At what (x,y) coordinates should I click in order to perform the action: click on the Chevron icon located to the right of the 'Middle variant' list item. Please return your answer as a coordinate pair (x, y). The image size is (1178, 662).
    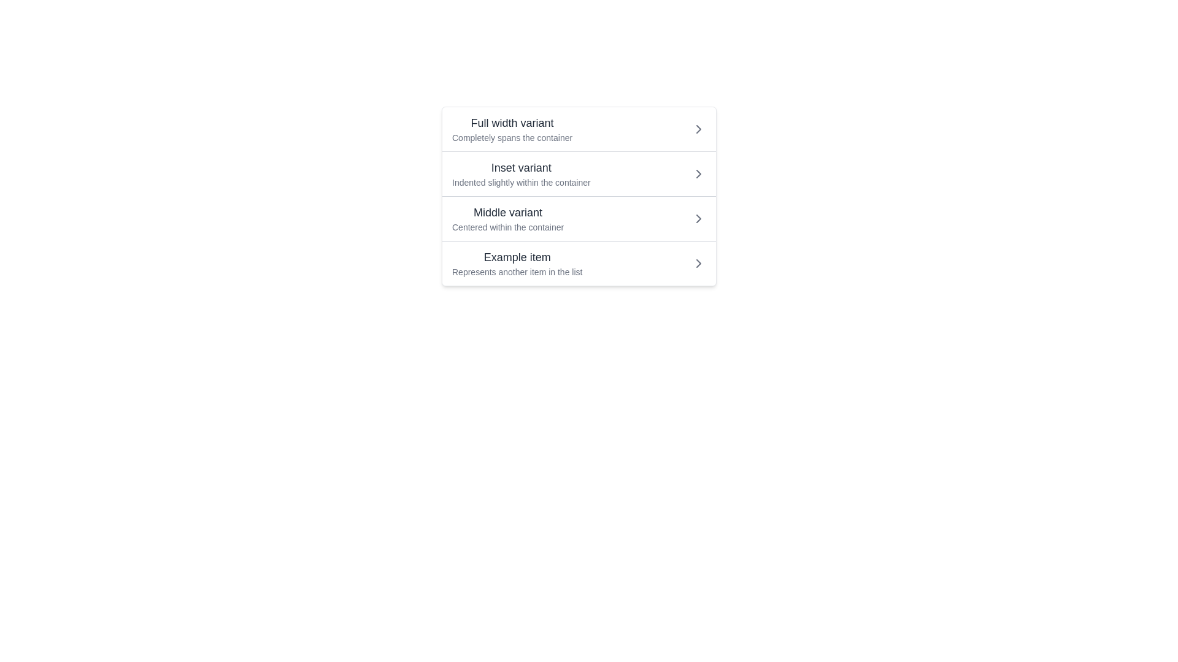
    Looking at the image, I should click on (698, 218).